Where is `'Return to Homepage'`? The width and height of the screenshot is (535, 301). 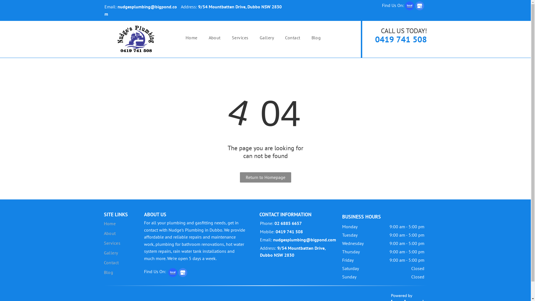 'Return to Homepage' is located at coordinates (265, 177).